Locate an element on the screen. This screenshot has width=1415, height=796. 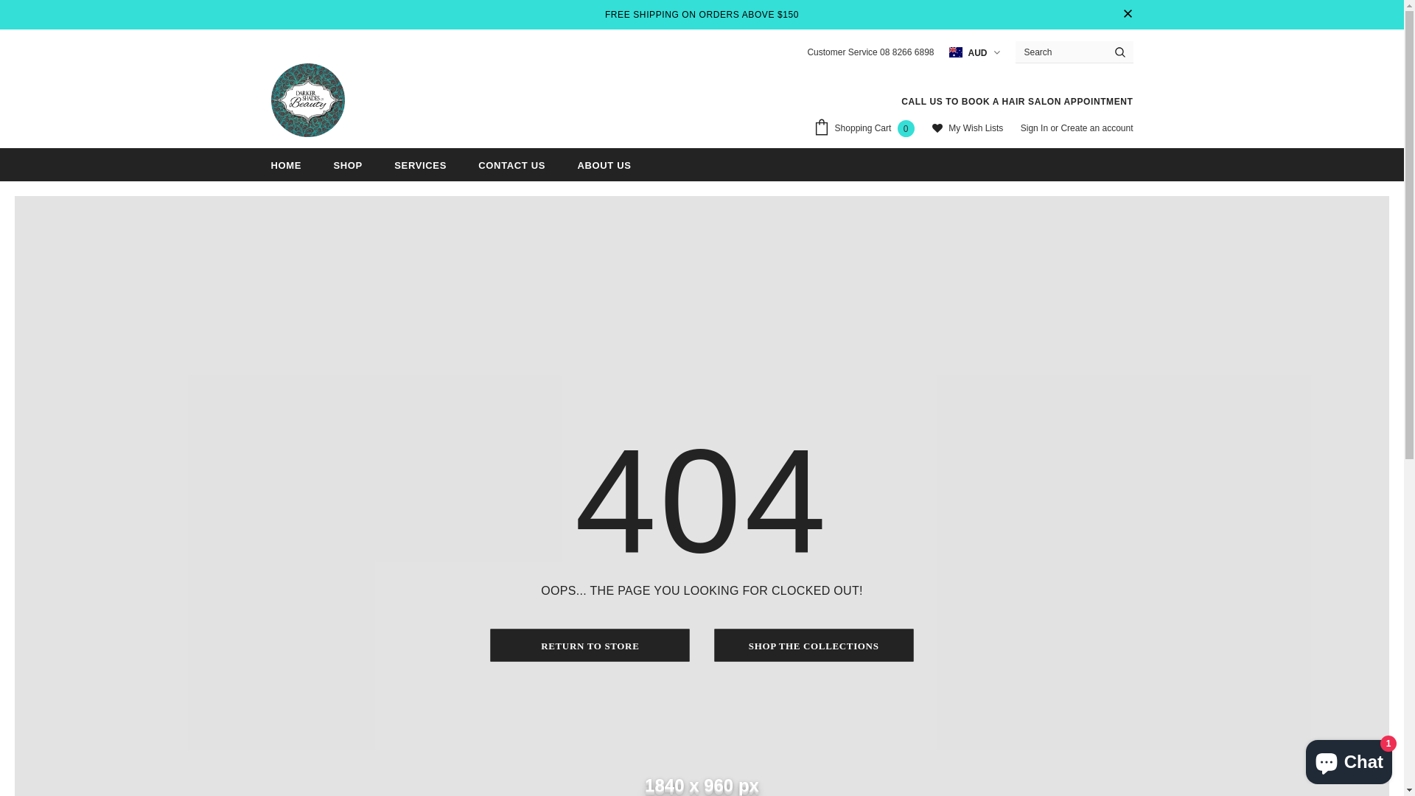
'Logo' is located at coordinates (307, 99).